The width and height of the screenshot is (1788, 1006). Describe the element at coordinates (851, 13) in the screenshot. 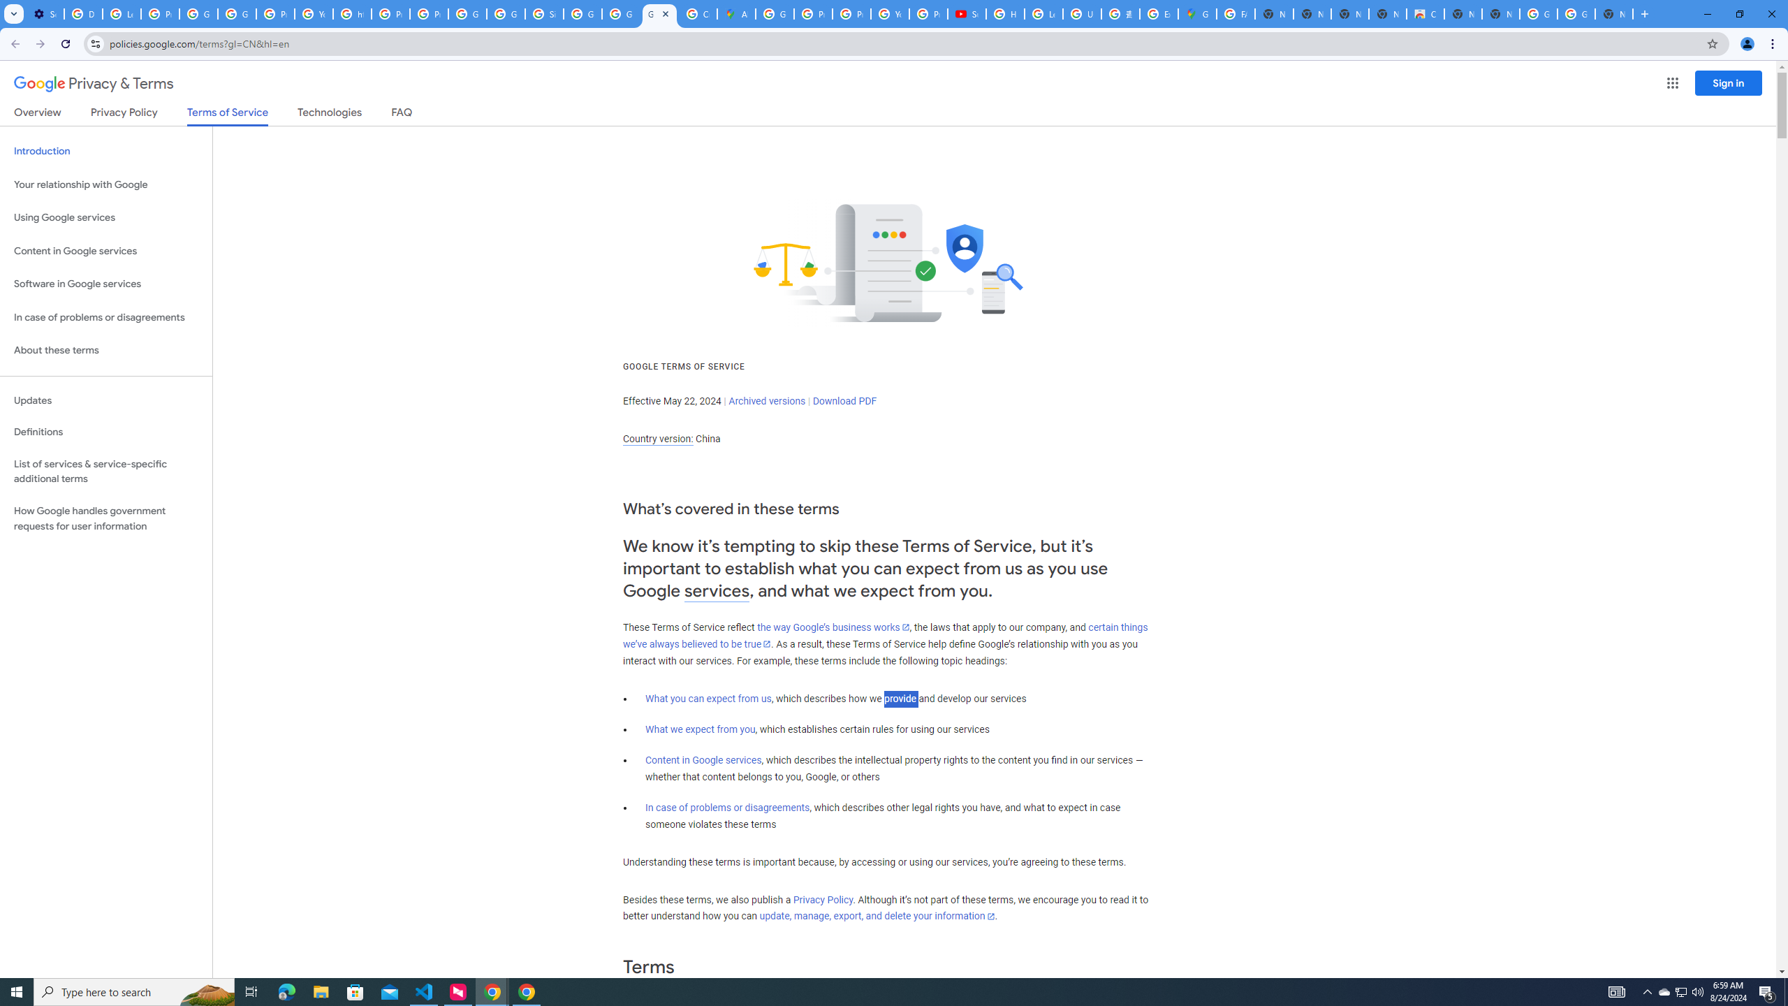

I see `'Privacy Help Center - Policies Help'` at that location.